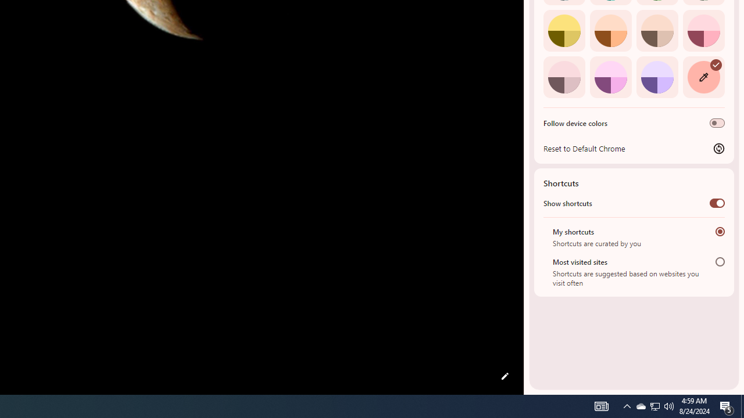 Image resolution: width=744 pixels, height=418 pixels. I want to click on 'Orange', so click(610, 30).